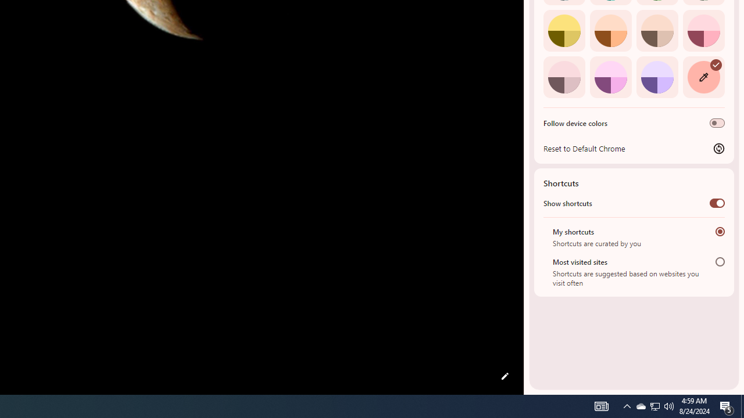 Image resolution: width=744 pixels, height=418 pixels. I want to click on 'Orange', so click(610, 30).